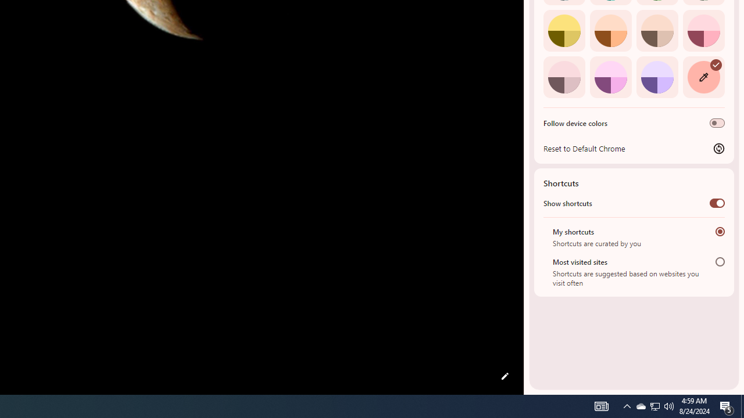 Image resolution: width=744 pixels, height=418 pixels. I want to click on 'Orange', so click(610, 30).